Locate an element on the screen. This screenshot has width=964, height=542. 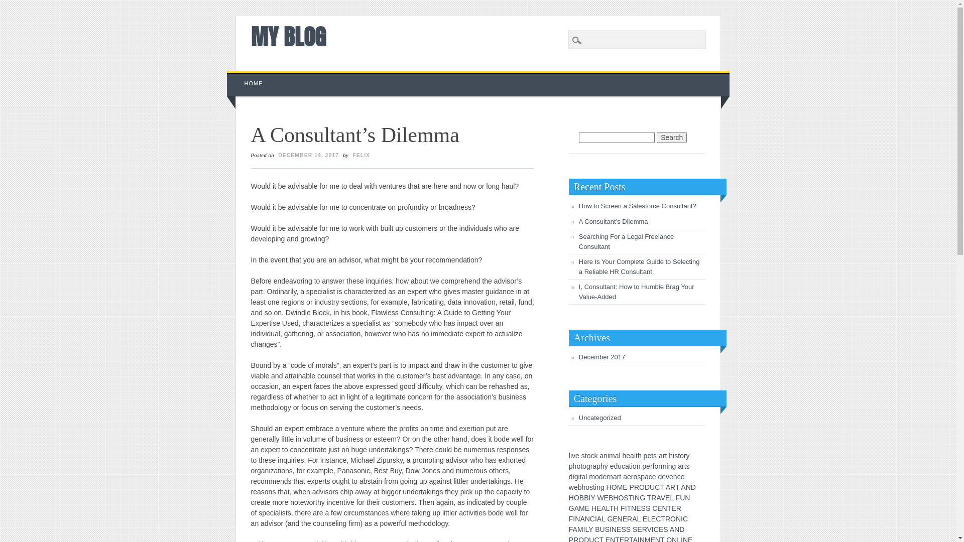
'I, Consultant: How to Humble Brag Your Value-Added' is located at coordinates (636, 292).